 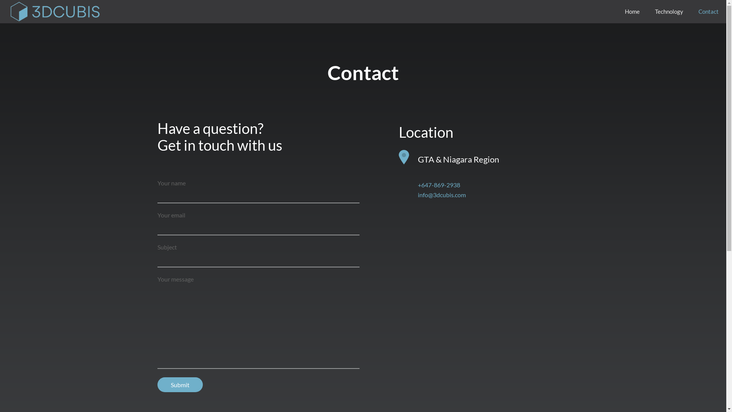 I want to click on '3dCubis', so click(x=54, y=11).